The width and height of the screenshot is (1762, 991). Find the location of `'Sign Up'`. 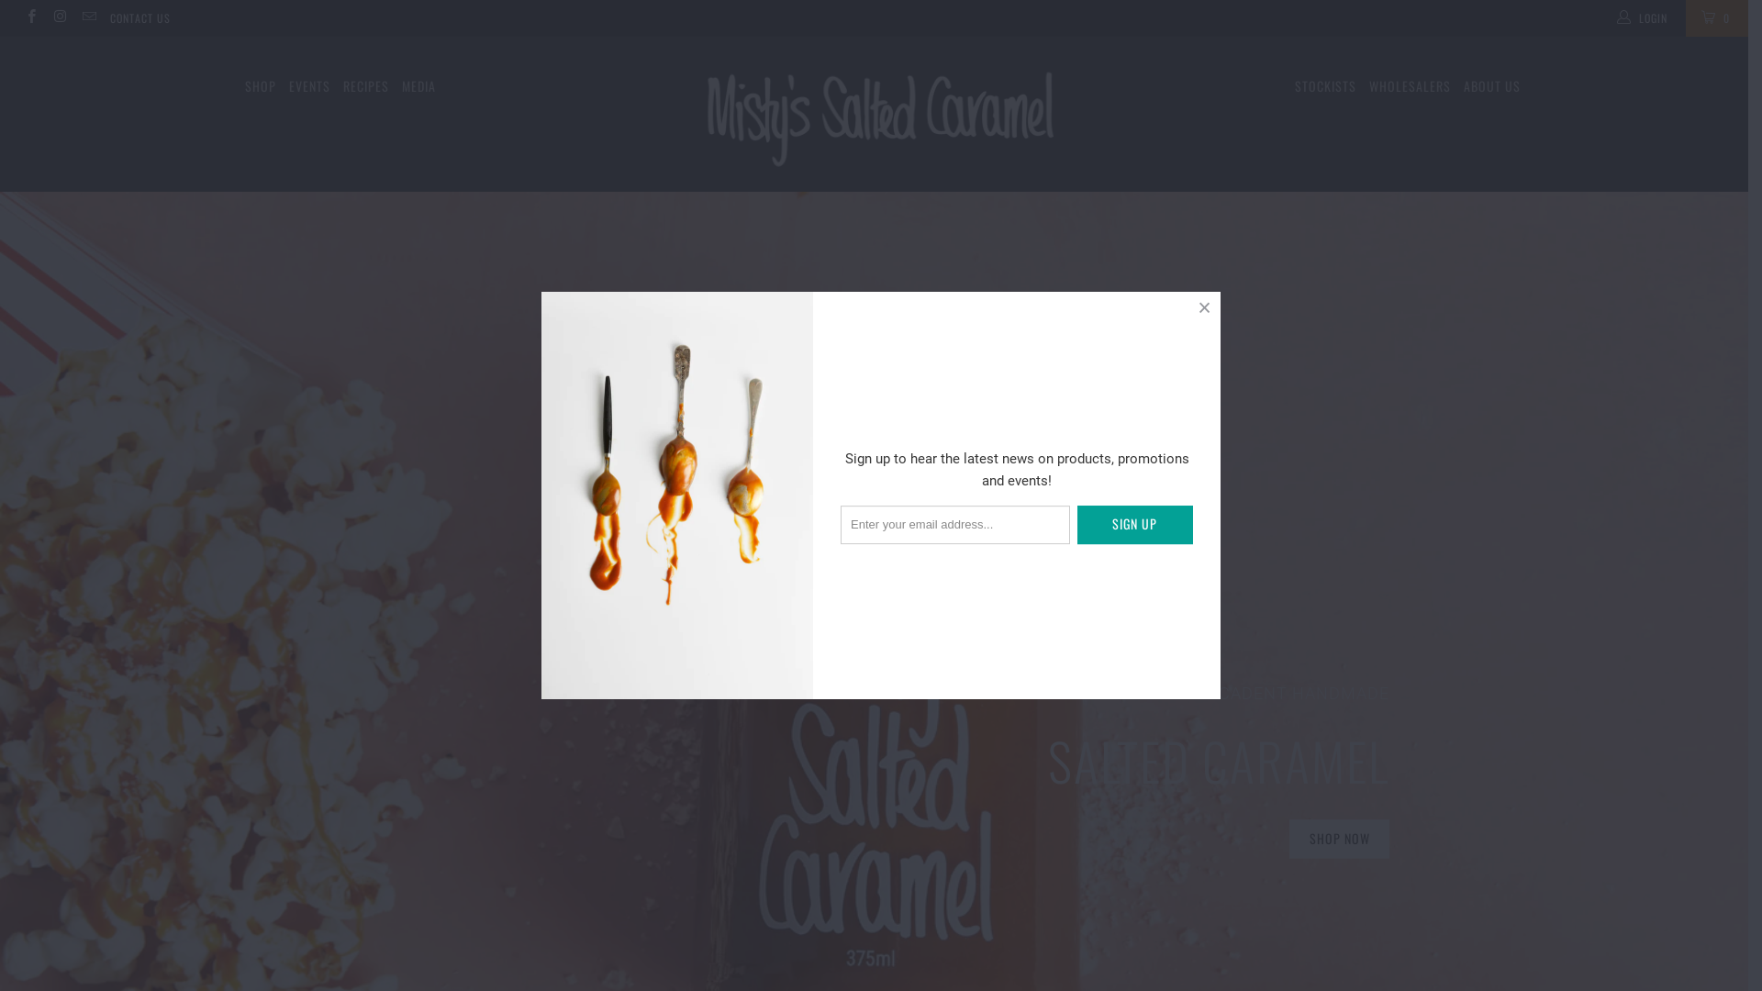

'Sign Up' is located at coordinates (1134, 524).